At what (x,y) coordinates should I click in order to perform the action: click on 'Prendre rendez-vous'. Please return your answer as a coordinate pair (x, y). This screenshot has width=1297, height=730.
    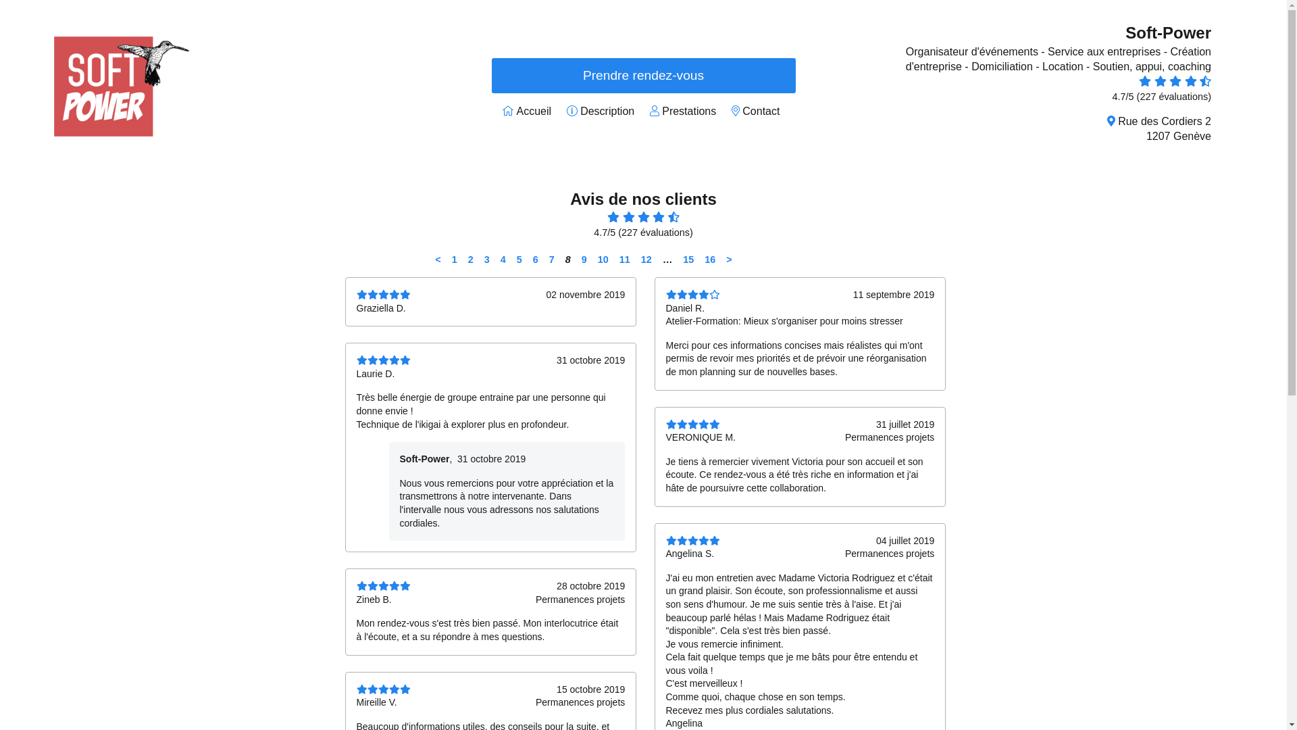
    Looking at the image, I should click on (643, 75).